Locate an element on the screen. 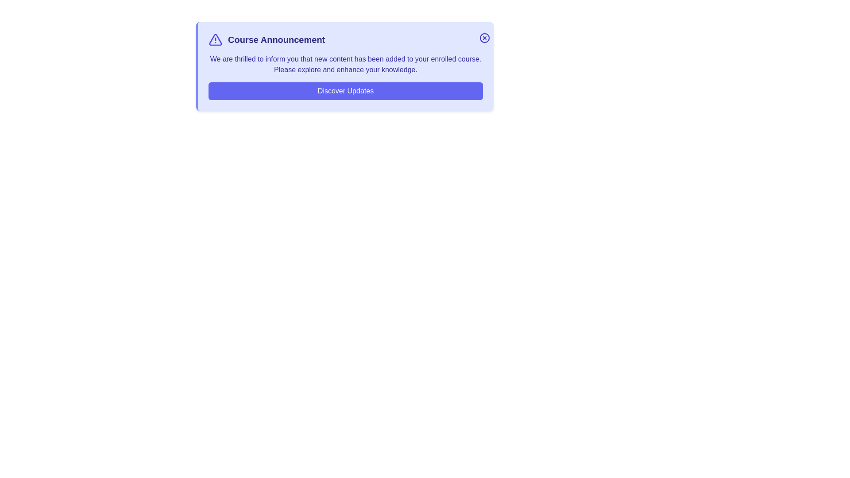 Image resolution: width=850 pixels, height=478 pixels. the 'Discover Updates' button is located at coordinates (345, 91).